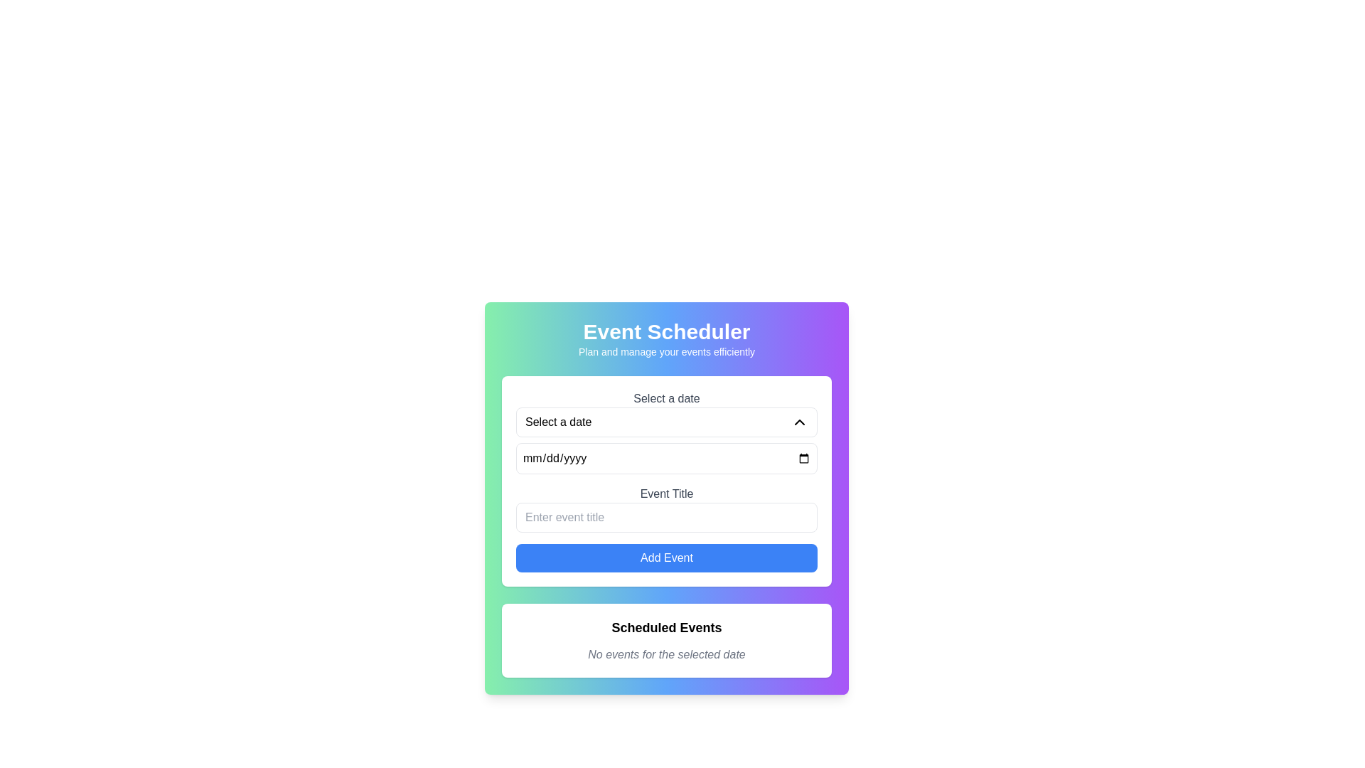 The height and width of the screenshot is (768, 1365). I want to click on the Text label that describes the expected input for the event title, which is located in the center of the layout above the input field, so click(665, 493).